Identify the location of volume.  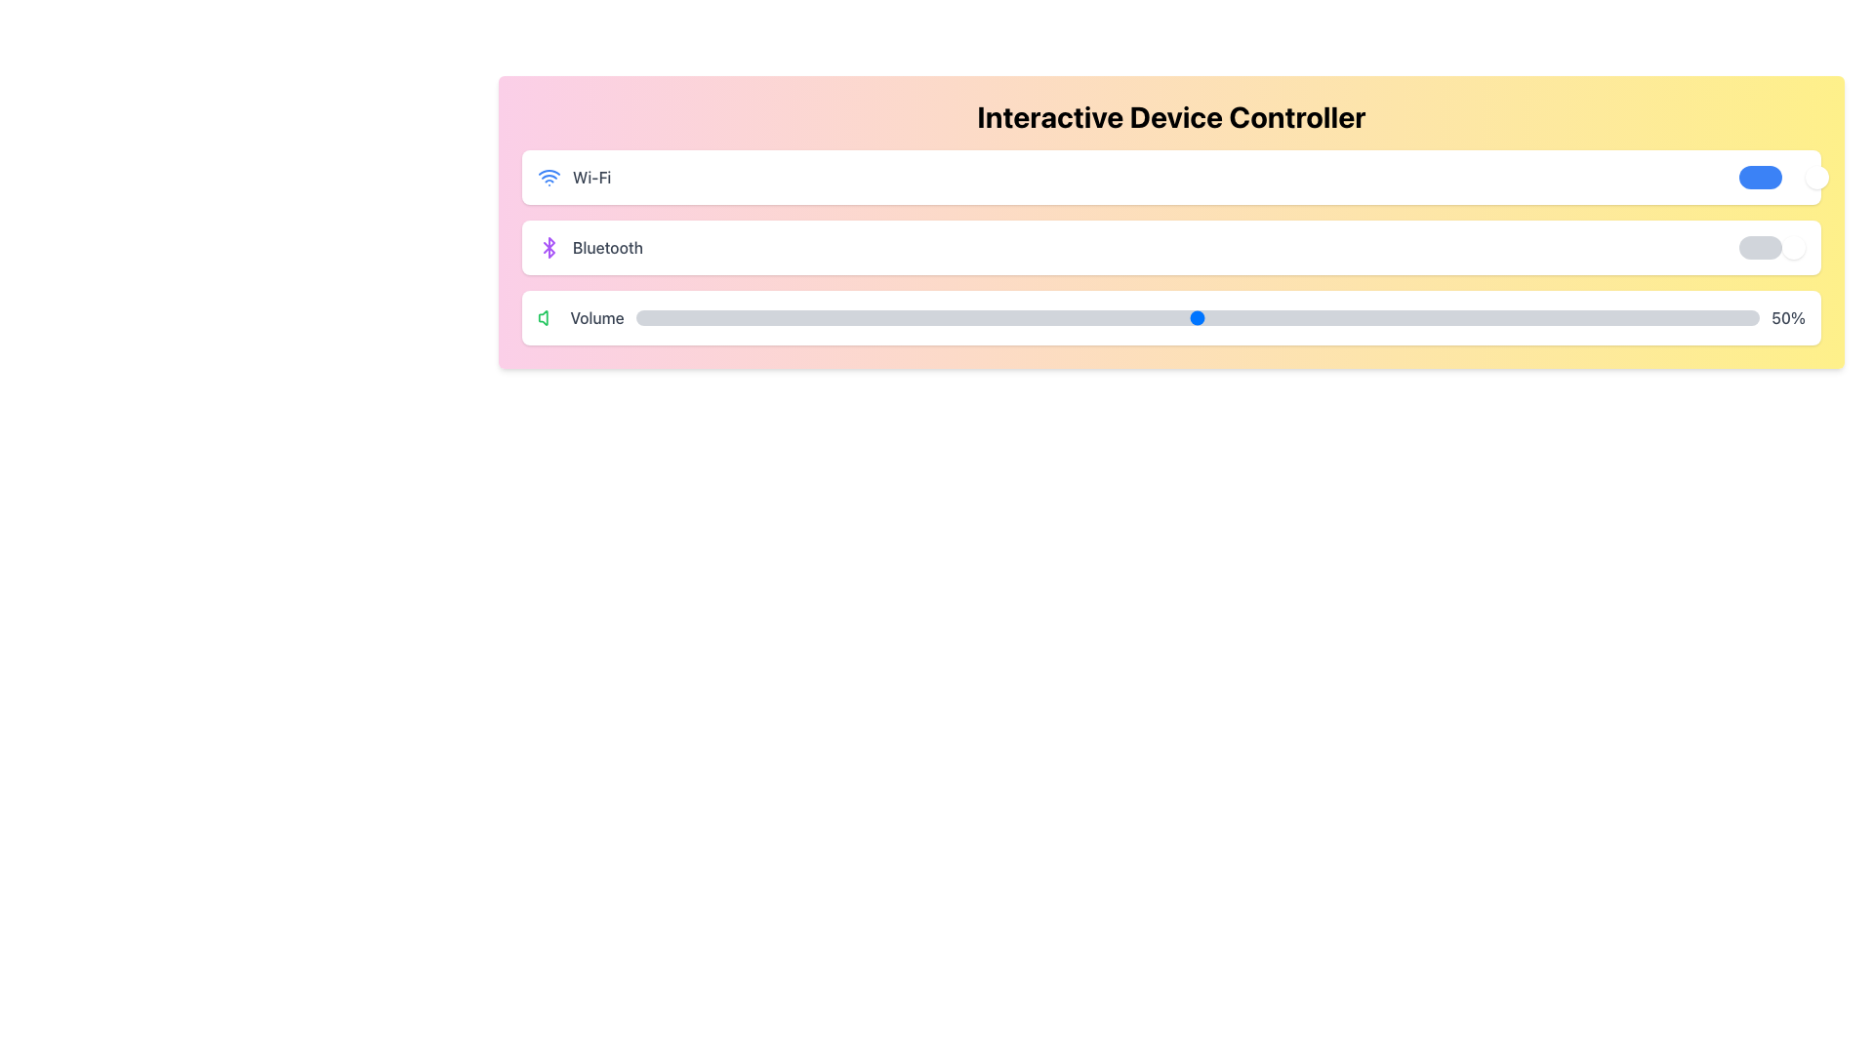
(1545, 317).